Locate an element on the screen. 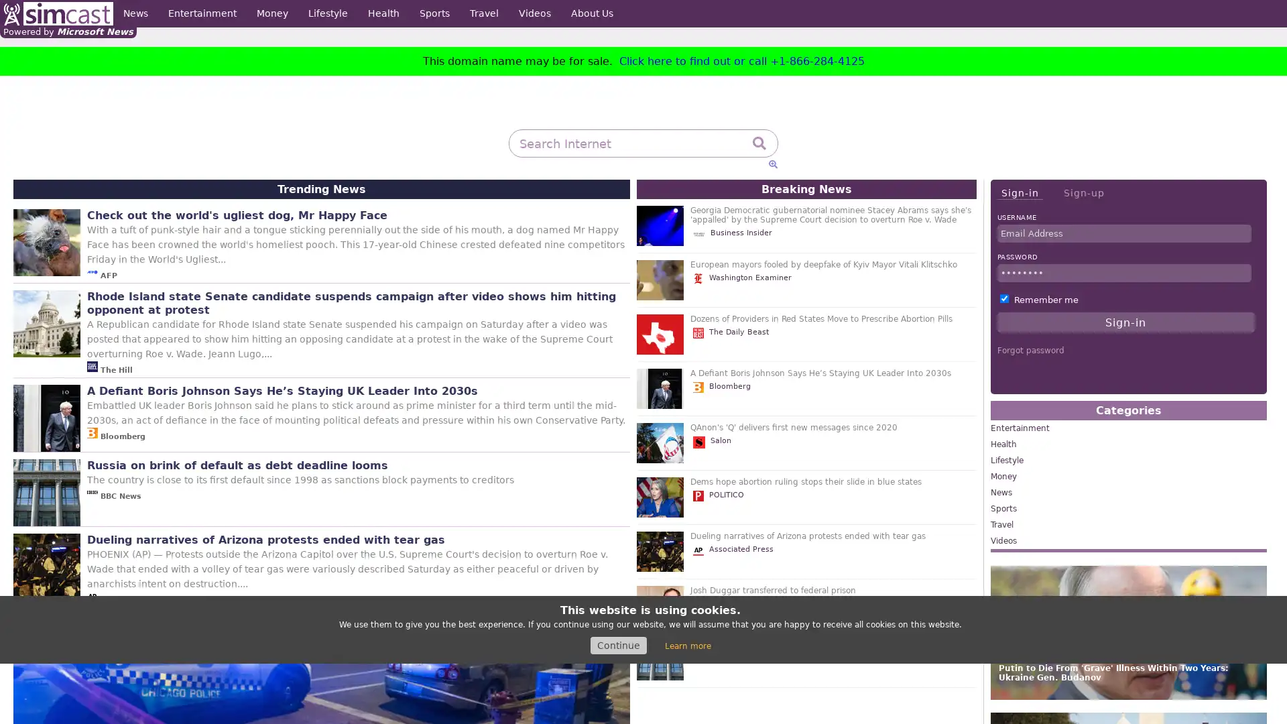 This screenshot has height=724, width=1287. Continue is located at coordinates (617, 645).